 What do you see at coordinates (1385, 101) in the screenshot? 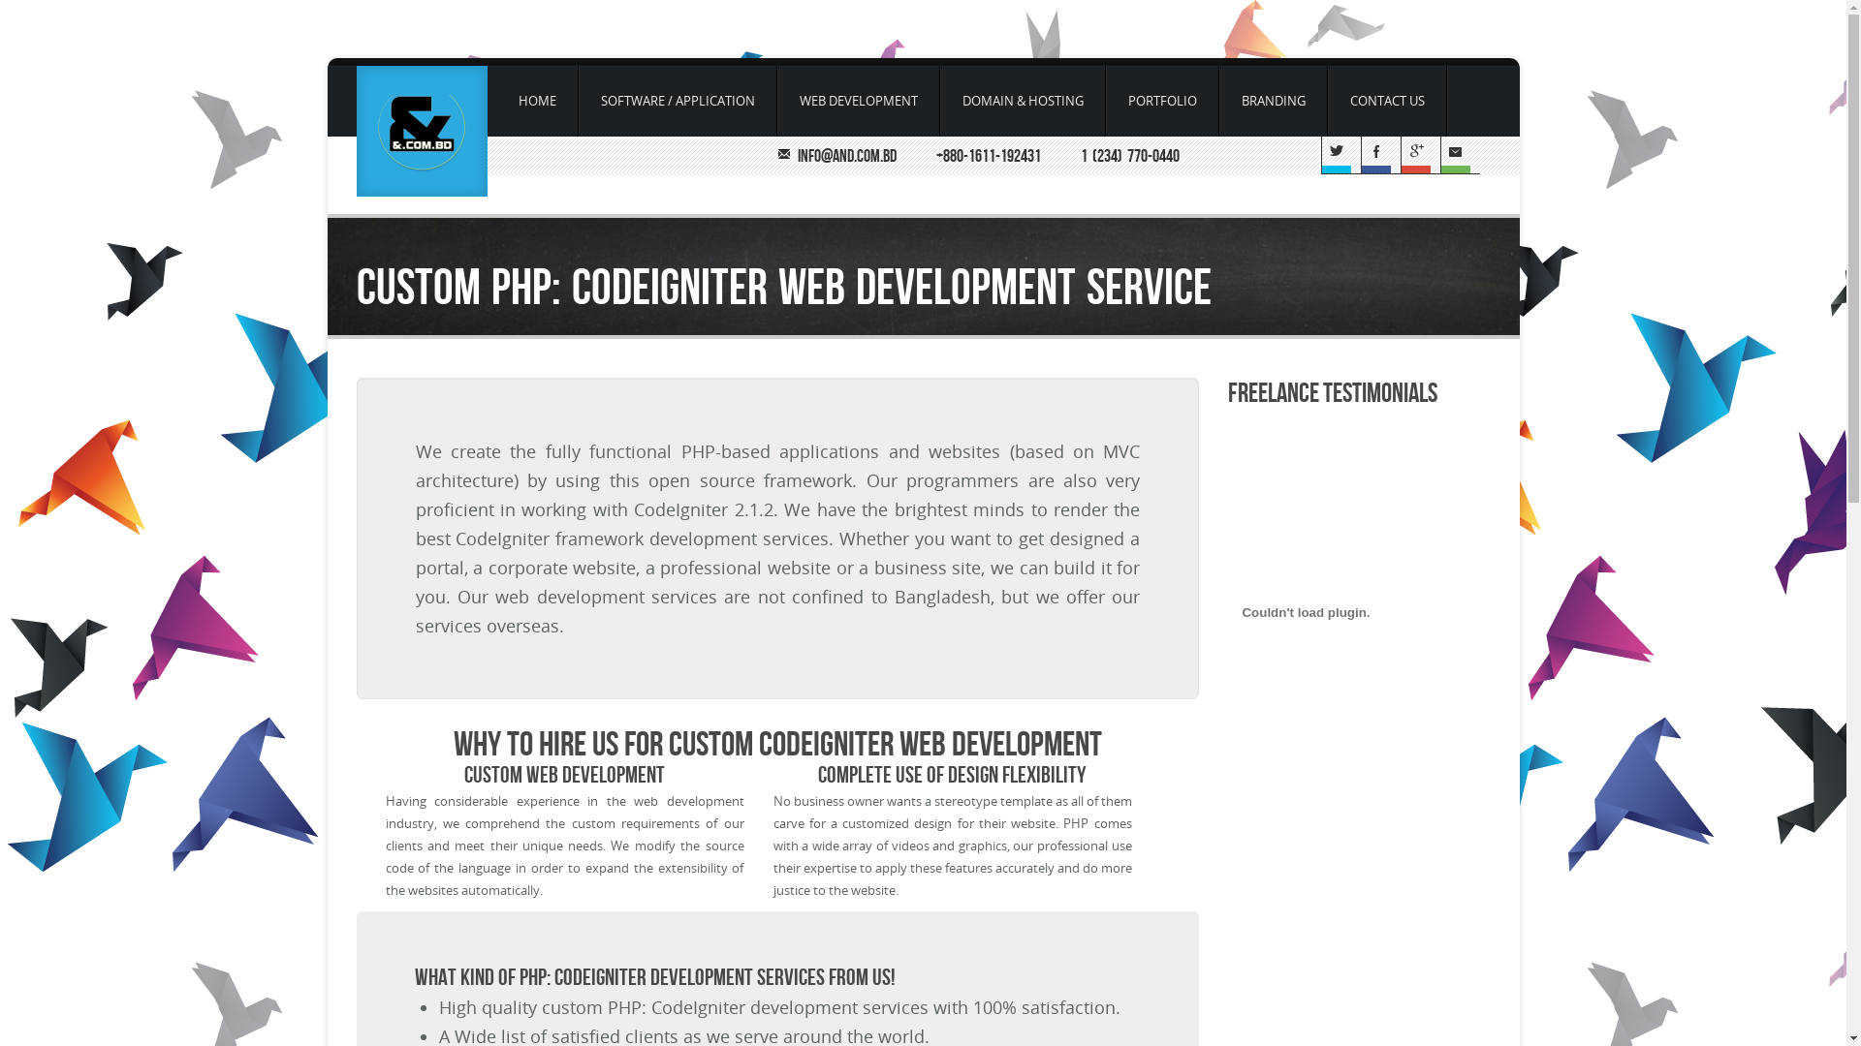
I see `'CONTACT US'` at bounding box center [1385, 101].